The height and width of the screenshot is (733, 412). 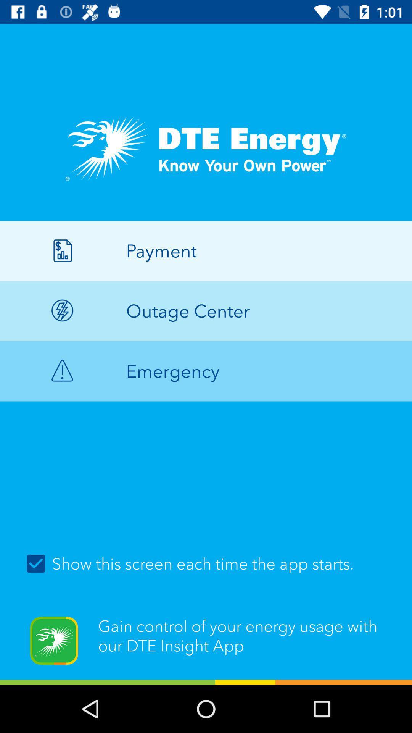 I want to click on icon above the emergency, so click(x=206, y=311).